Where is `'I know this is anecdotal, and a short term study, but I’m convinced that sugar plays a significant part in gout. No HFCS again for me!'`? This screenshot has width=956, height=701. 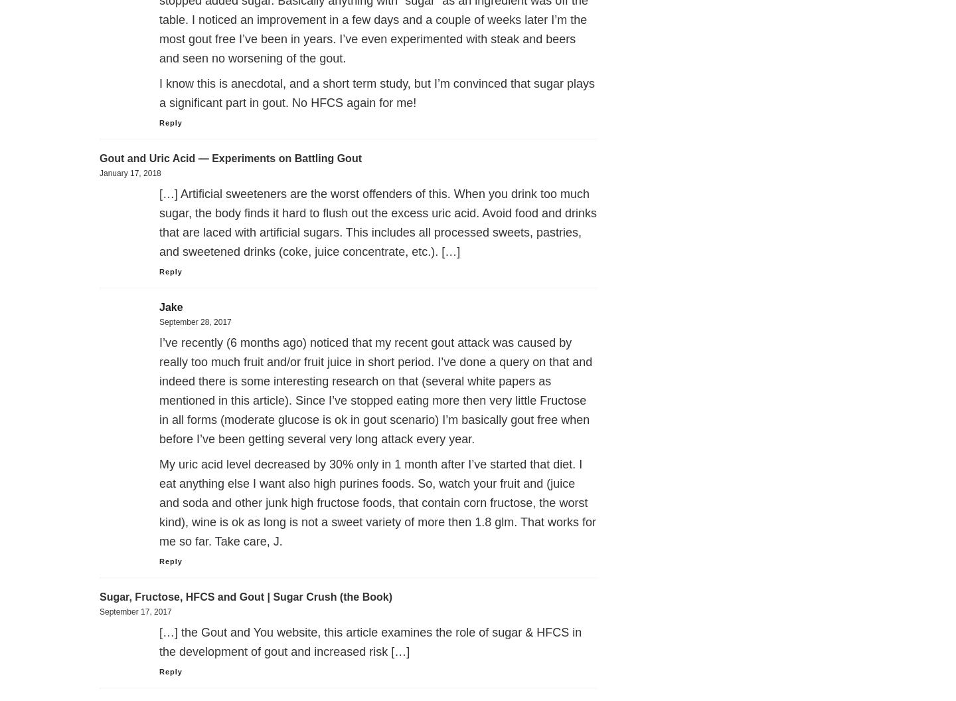 'I know this is anecdotal, and a short term study, but I’m convinced that sugar plays a significant part in gout. No HFCS again for me!' is located at coordinates (159, 93).